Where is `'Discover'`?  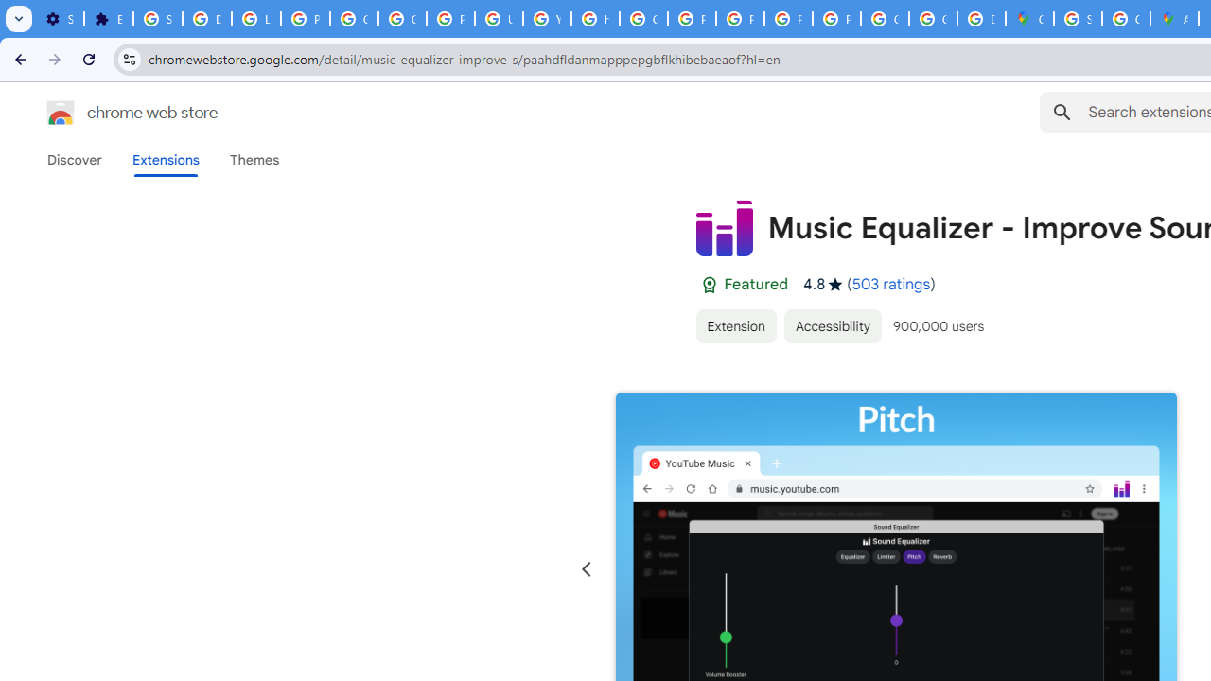 'Discover' is located at coordinates (75, 159).